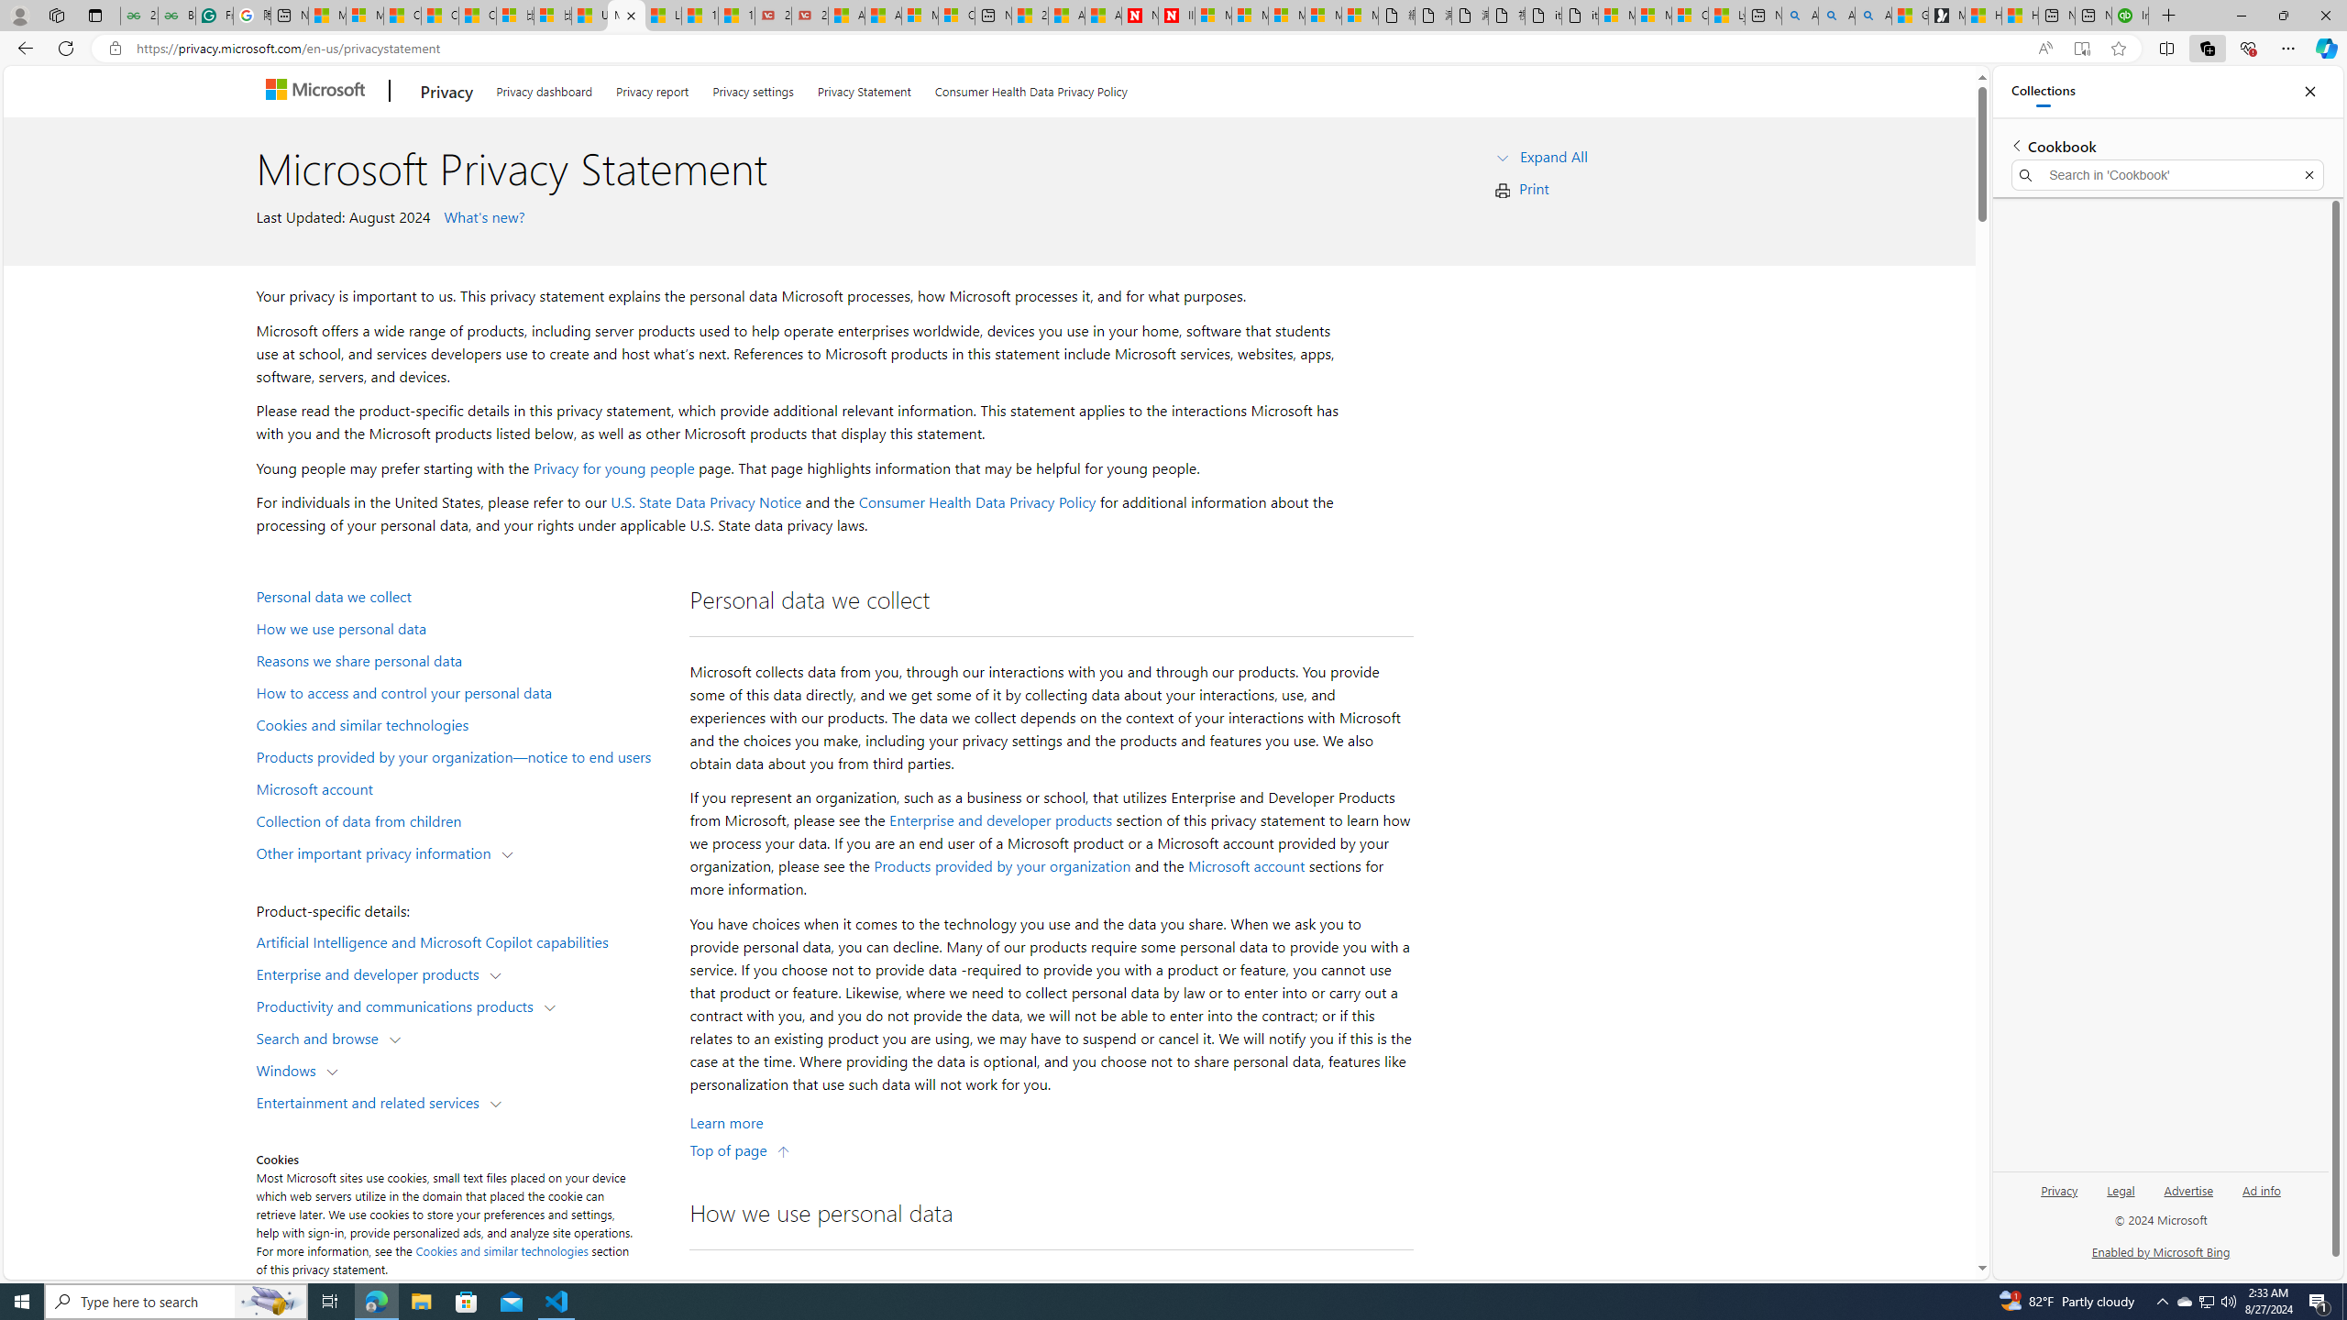 This screenshot has width=2347, height=1320. Describe the element at coordinates (976, 501) in the screenshot. I see `'Consumer Health Data Privacy Policy'` at that location.